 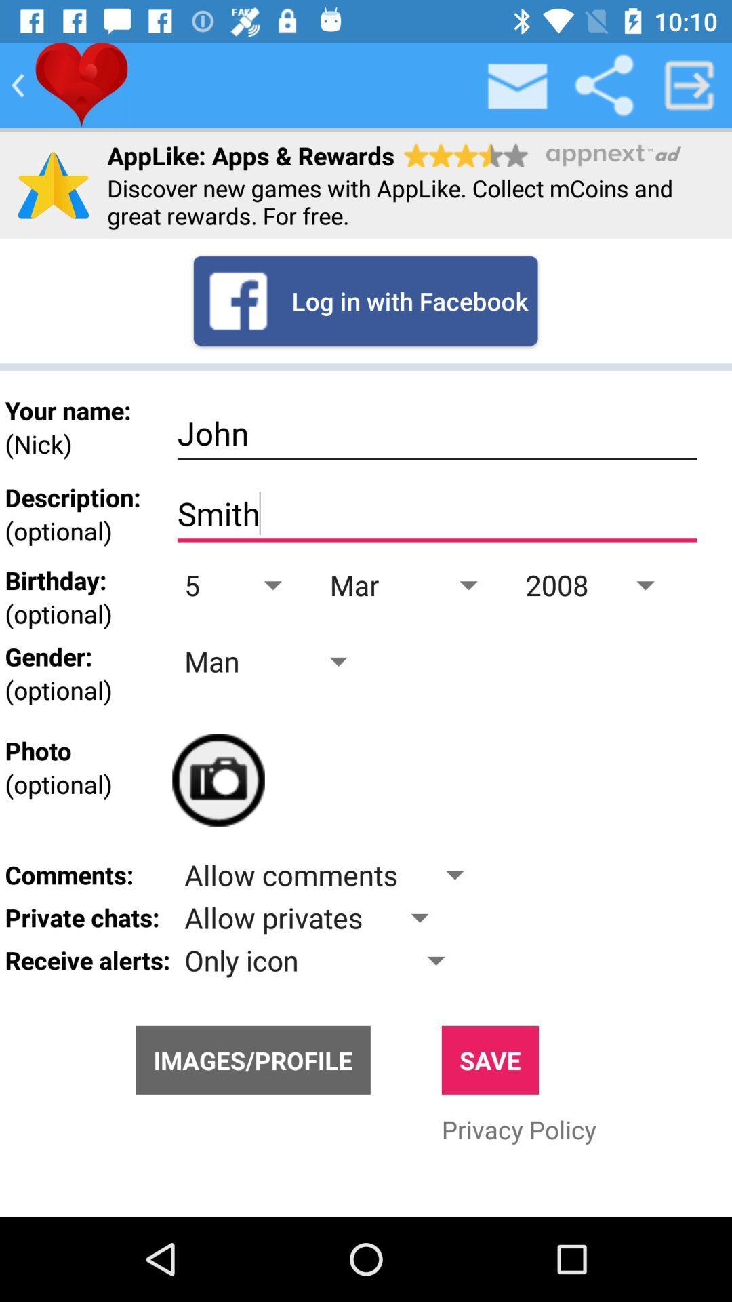 What do you see at coordinates (218, 780) in the screenshot?
I see `the photo icon` at bounding box center [218, 780].